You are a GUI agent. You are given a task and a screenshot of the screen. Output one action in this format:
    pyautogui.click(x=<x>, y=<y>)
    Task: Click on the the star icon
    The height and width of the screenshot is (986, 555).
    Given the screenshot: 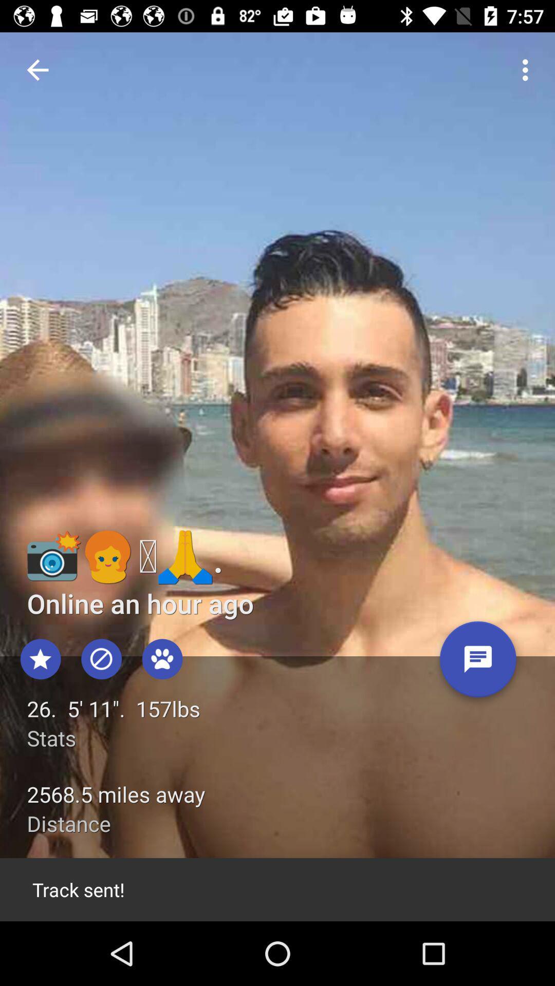 What is the action you would take?
    pyautogui.click(x=40, y=659)
    